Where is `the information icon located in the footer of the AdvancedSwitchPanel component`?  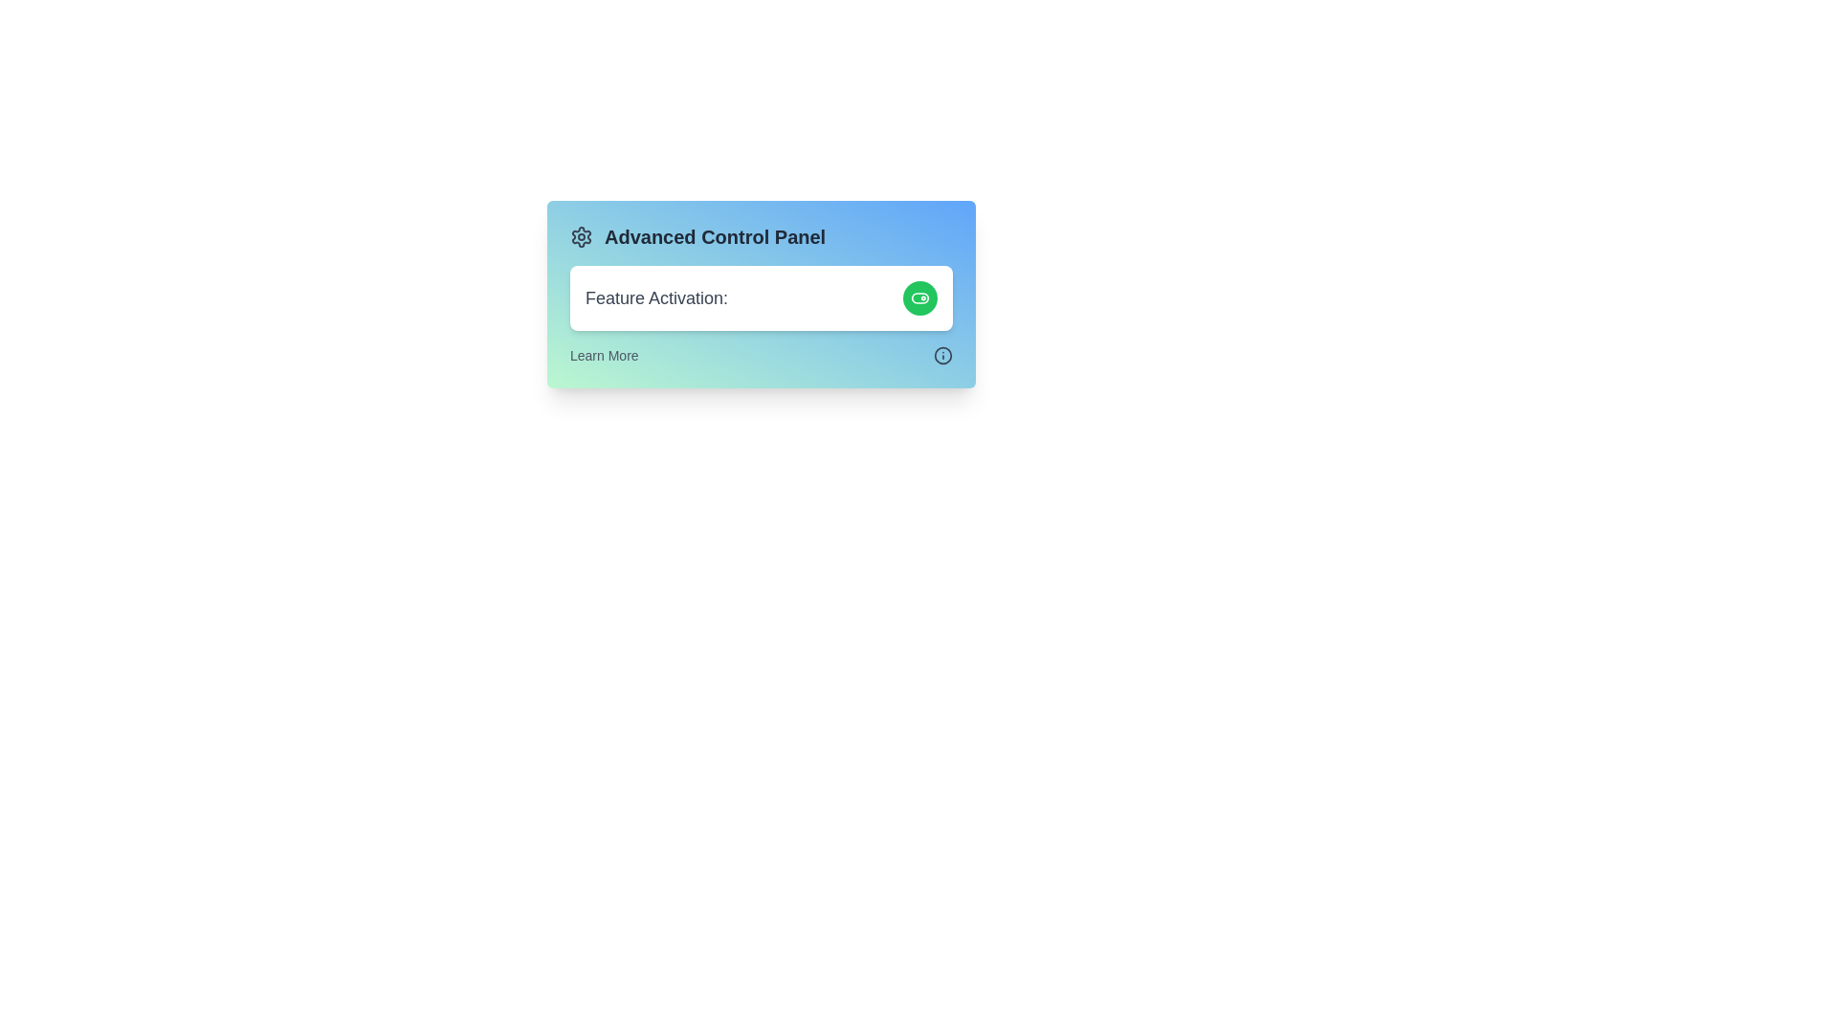
the information icon located in the footer of the AdvancedSwitchPanel component is located at coordinates (942, 355).